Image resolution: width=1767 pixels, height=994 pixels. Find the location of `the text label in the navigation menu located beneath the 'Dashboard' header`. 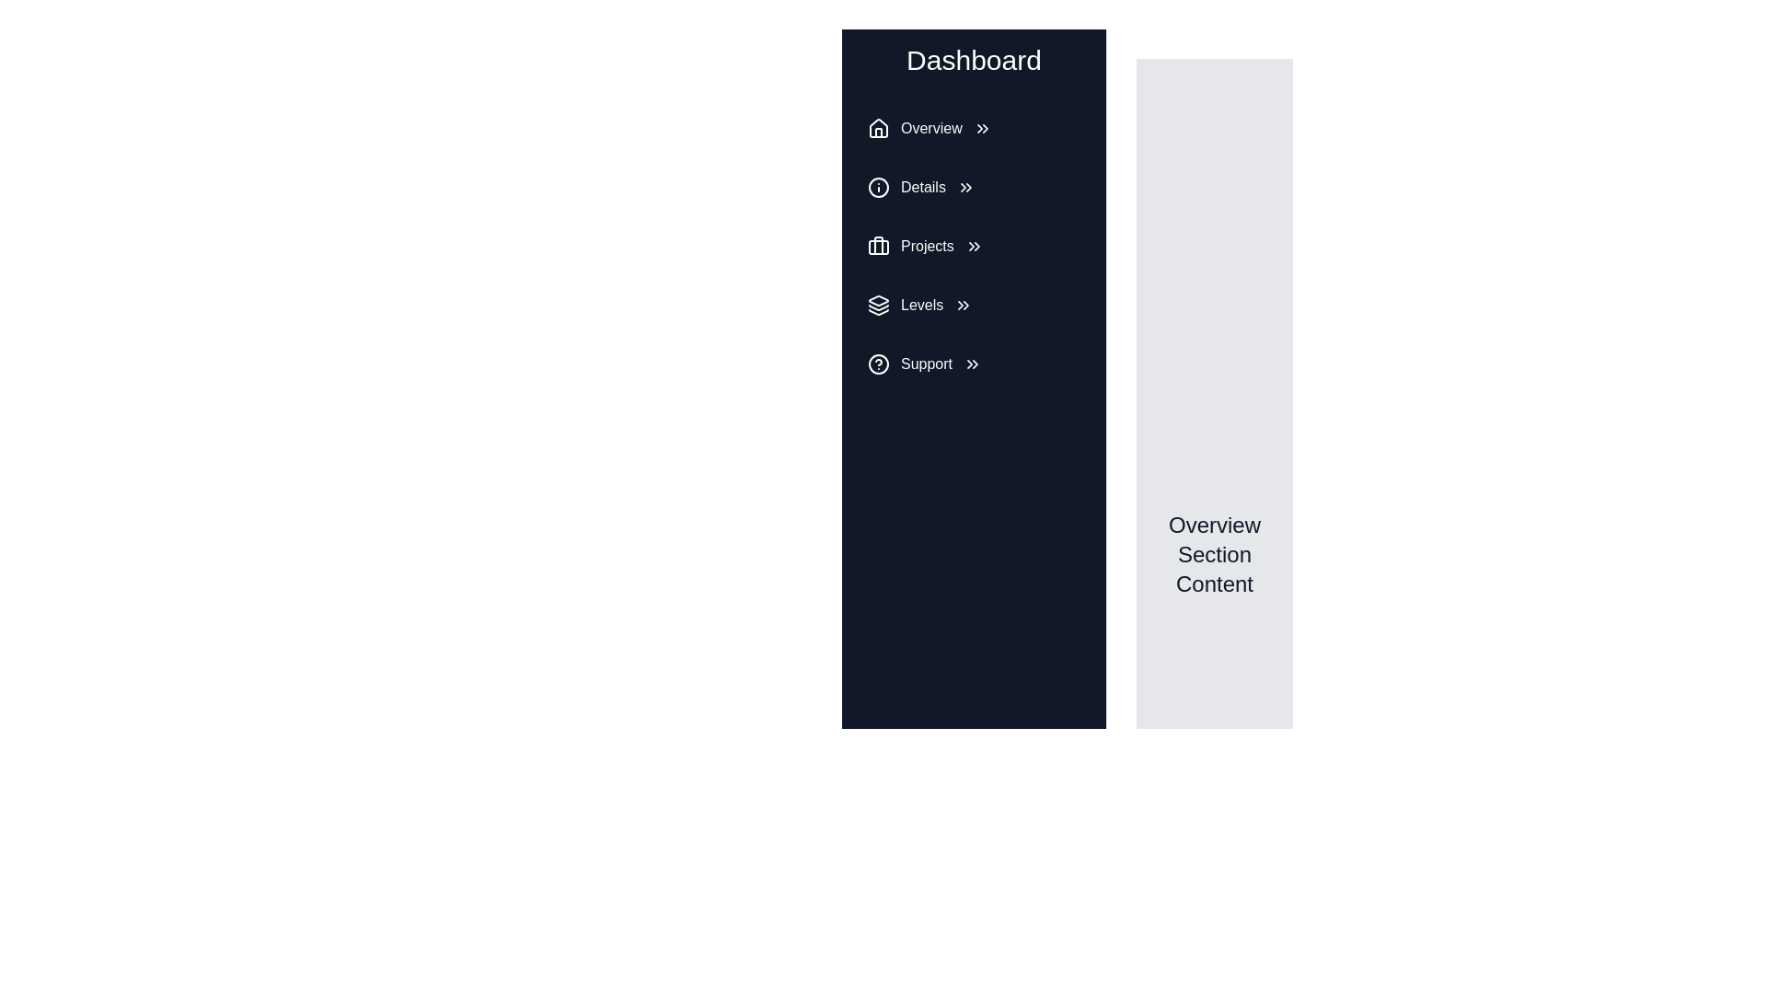

the text label in the navigation menu located beneath the 'Dashboard' header is located at coordinates (931, 127).